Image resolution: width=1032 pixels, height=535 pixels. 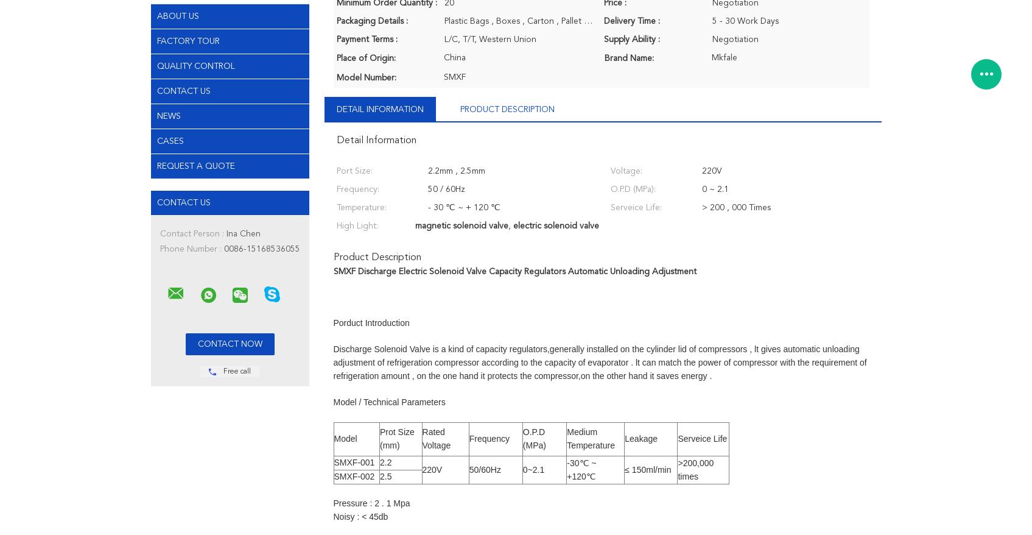 What do you see at coordinates (676, 438) in the screenshot?
I see `'Serveice Life'` at bounding box center [676, 438].